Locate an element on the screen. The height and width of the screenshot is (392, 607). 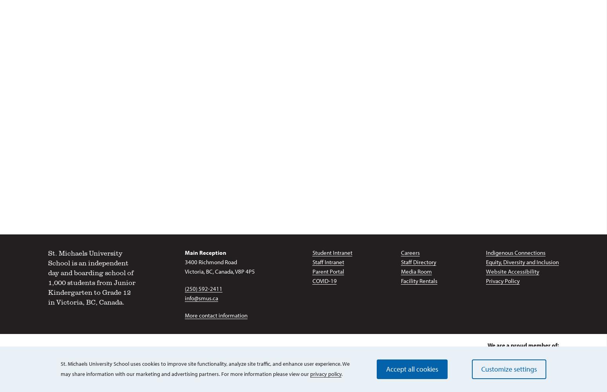
'Careers' is located at coordinates (401, 252).